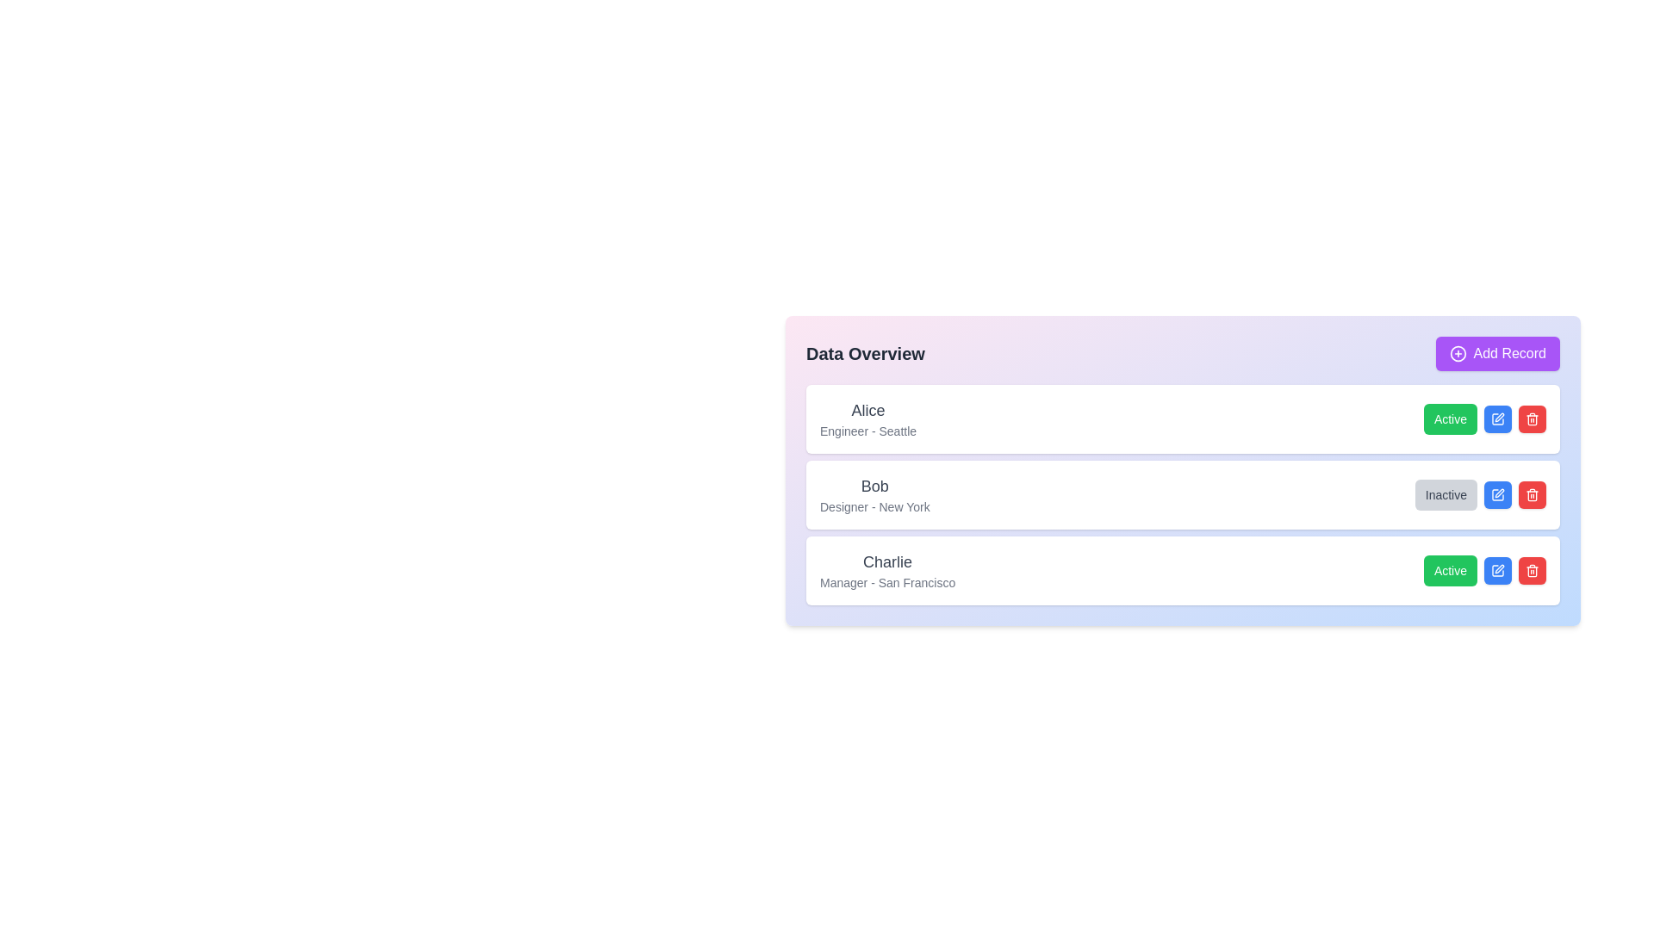 The image size is (1654, 930). Describe the element at coordinates (1499, 418) in the screenshot. I see `the edit button located to the left of the red trash can icon in the third row of the list labeled 'Charlie'` at that location.